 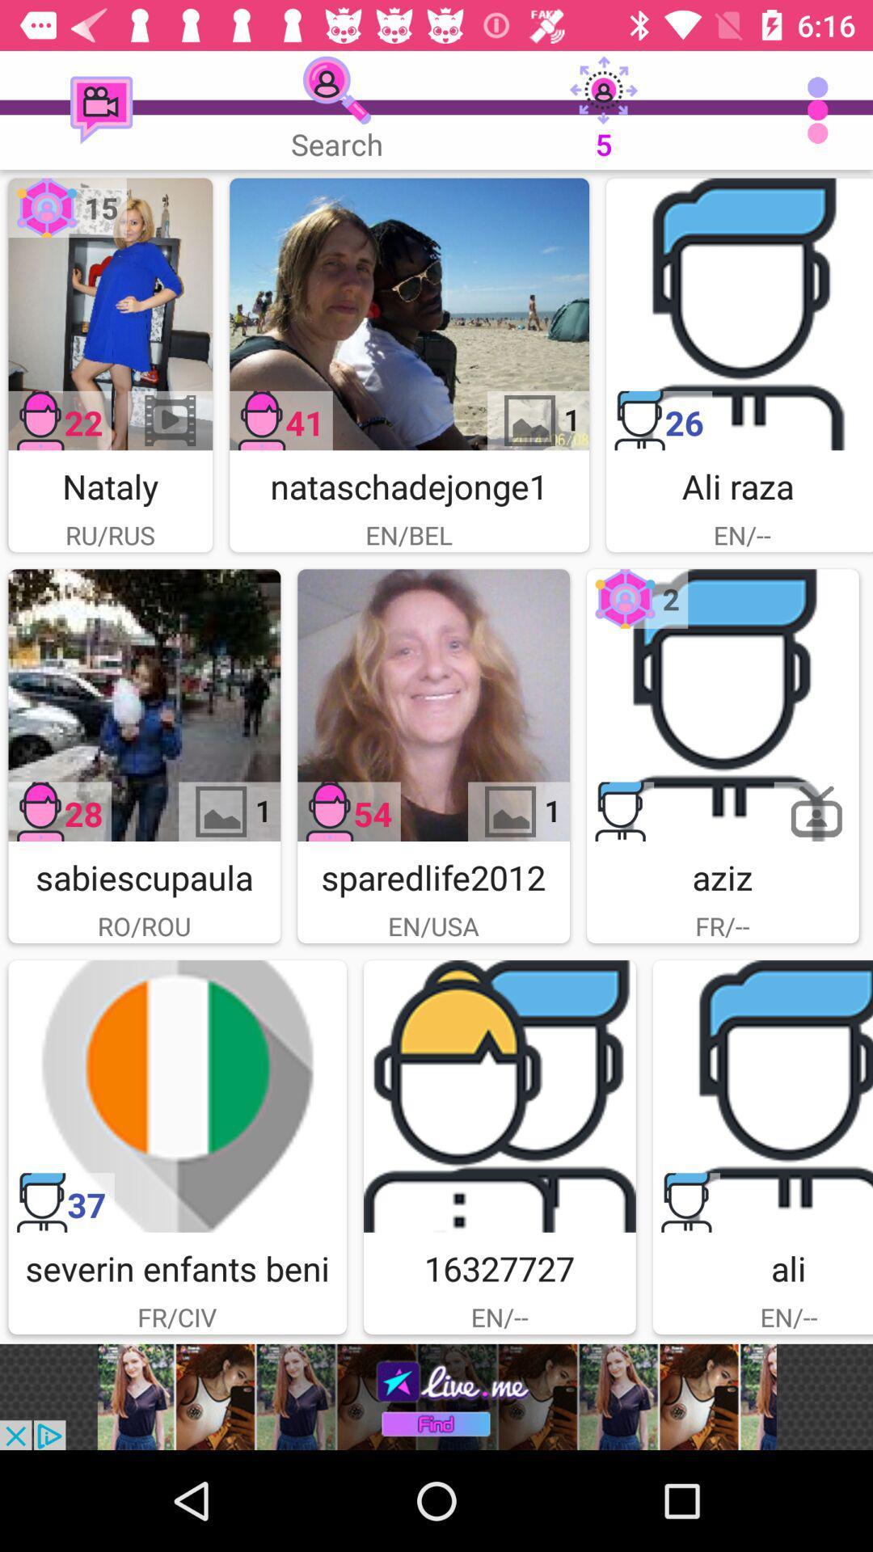 What do you see at coordinates (436, 1396) in the screenshot?
I see `advertisement` at bounding box center [436, 1396].